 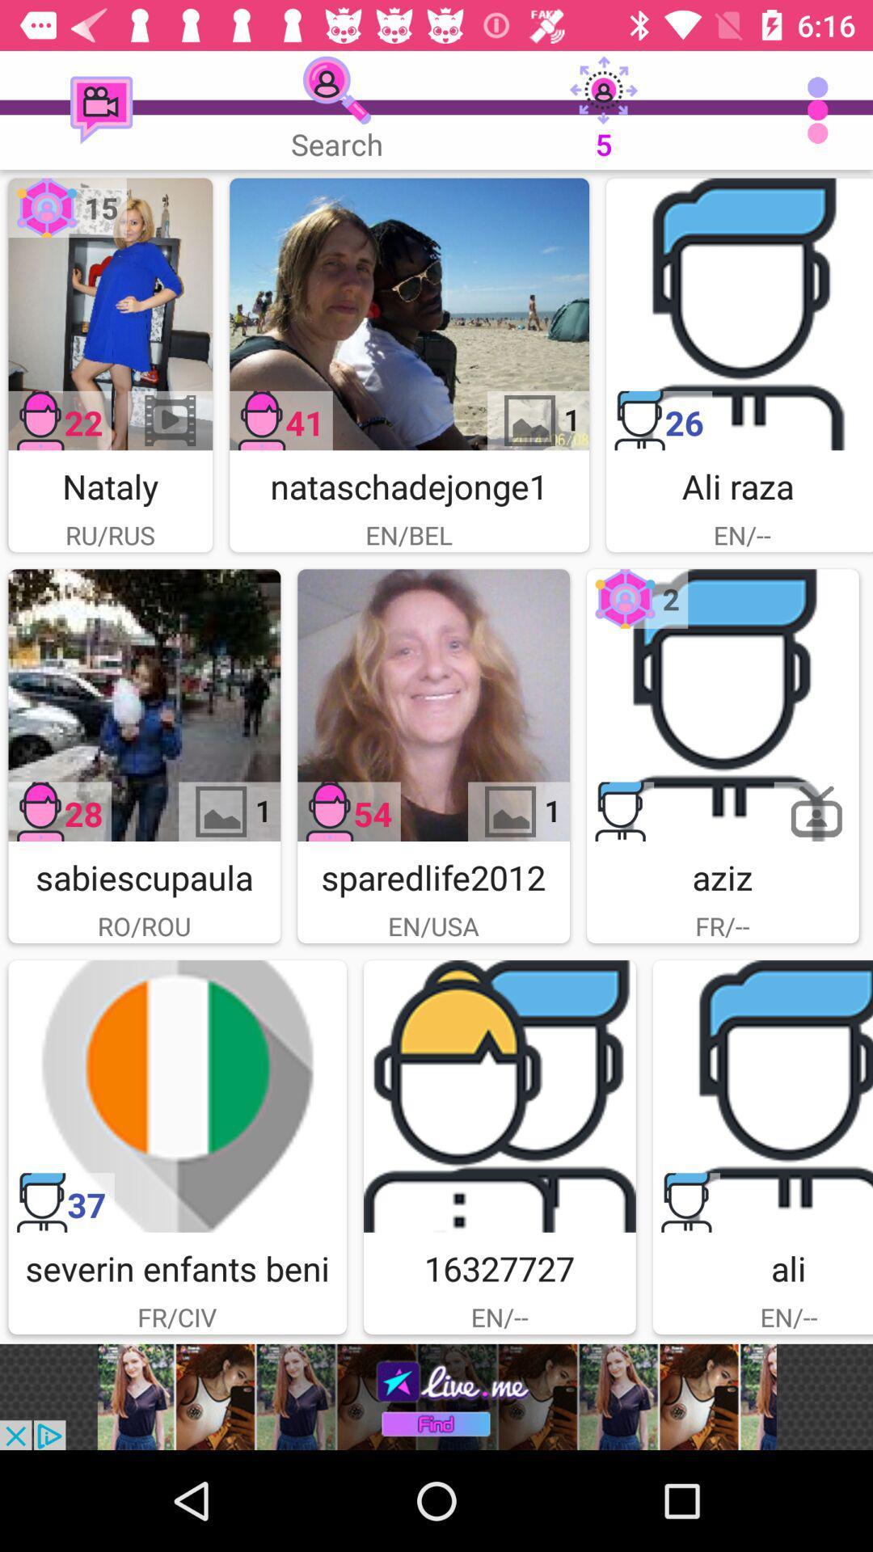 What do you see at coordinates (436, 1396) in the screenshot?
I see `advertisement` at bounding box center [436, 1396].